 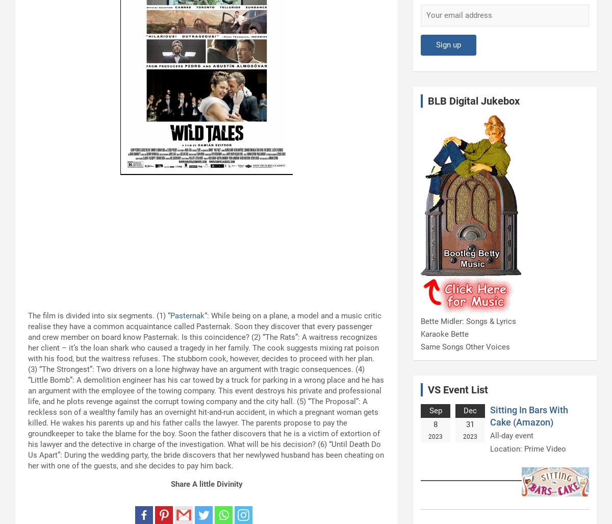 I want to click on 'Bette Midler: Songs & Lyrics', so click(x=468, y=320).